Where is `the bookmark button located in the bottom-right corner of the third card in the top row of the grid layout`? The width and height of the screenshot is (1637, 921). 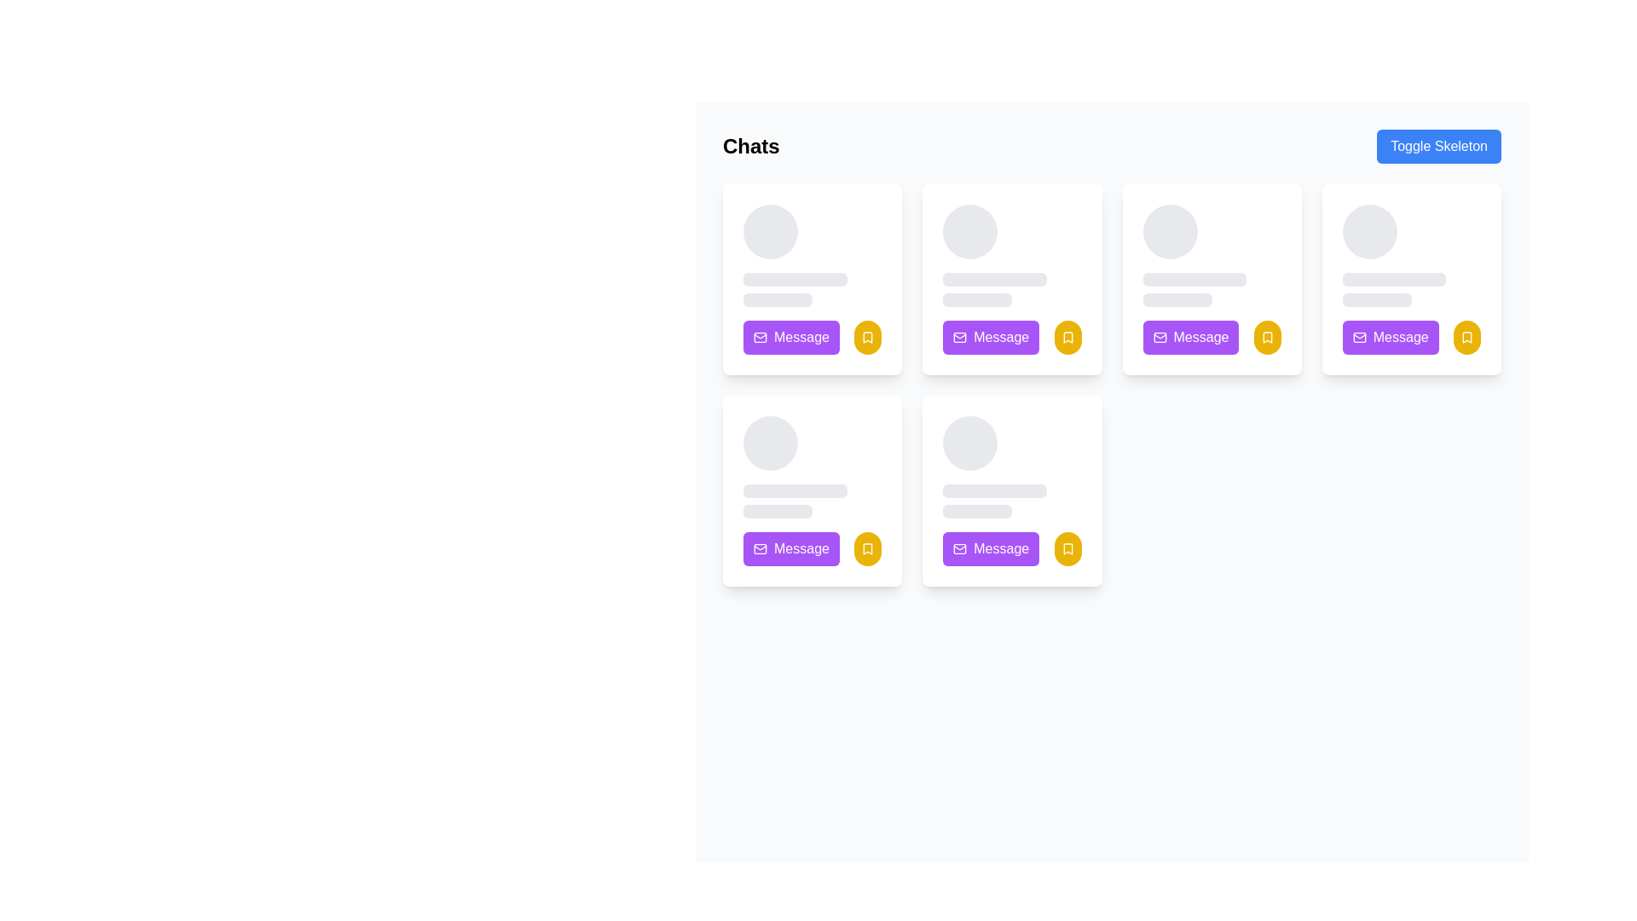 the bookmark button located in the bottom-right corner of the third card in the top row of the grid layout is located at coordinates (1267, 338).